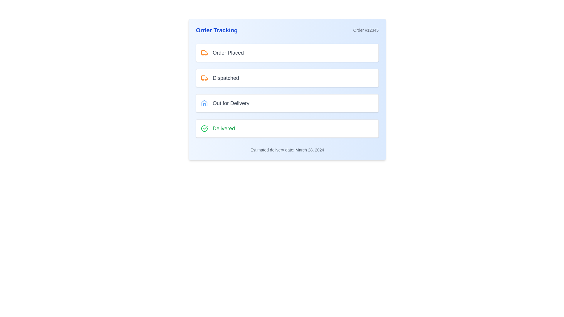 The image size is (564, 317). Describe the element at coordinates (224, 128) in the screenshot. I see `the Text Label displaying 'Delivered' in a medium-sized green font, located in the fourth row of the tracking interface, to indicate successful delivery` at that location.